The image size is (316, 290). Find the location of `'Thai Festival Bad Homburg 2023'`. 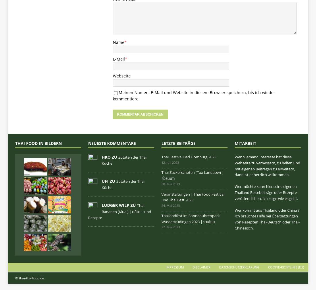

'Thai Festival Bad Homburg 2023' is located at coordinates (189, 157).